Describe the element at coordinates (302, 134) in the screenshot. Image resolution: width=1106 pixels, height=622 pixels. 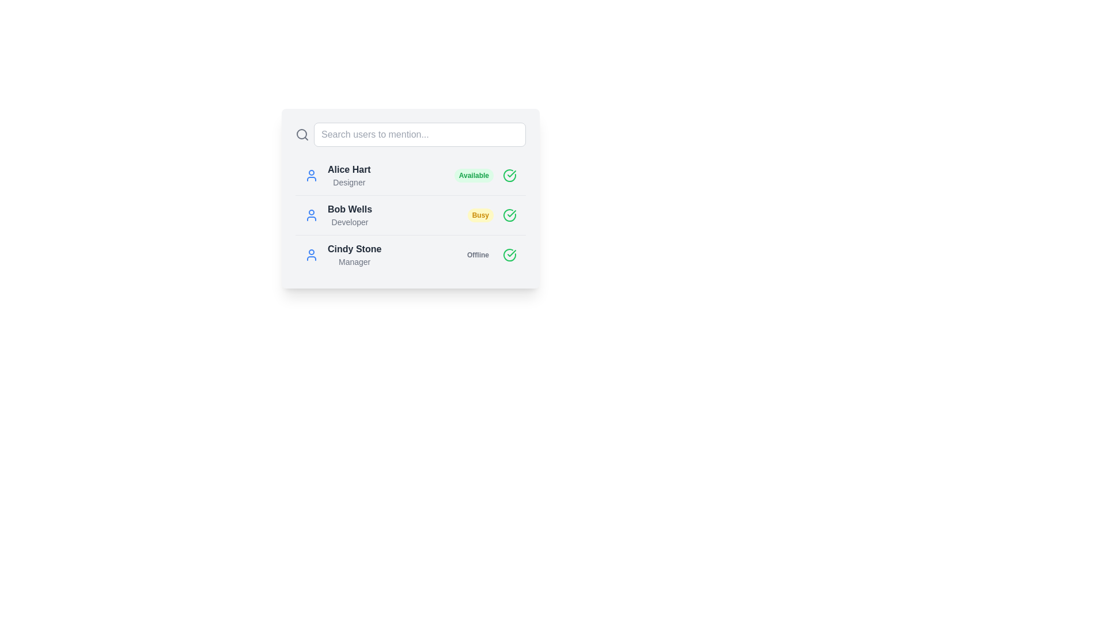
I see `the search icon, which is an outline of a magnifying glass located in the top-left section of the search interface` at that location.